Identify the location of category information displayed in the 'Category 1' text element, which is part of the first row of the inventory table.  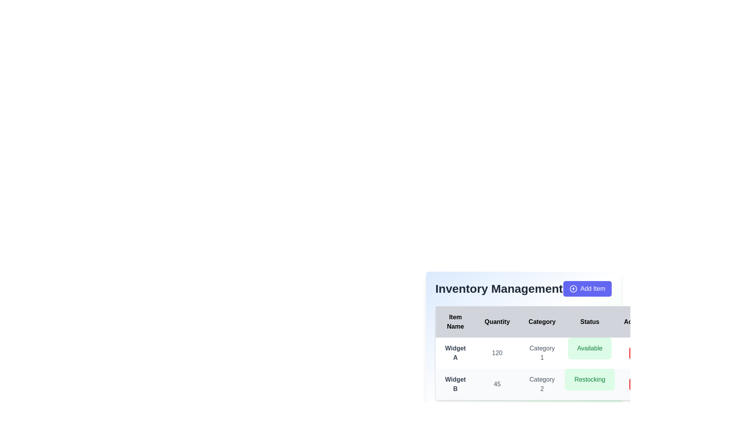
(545, 353).